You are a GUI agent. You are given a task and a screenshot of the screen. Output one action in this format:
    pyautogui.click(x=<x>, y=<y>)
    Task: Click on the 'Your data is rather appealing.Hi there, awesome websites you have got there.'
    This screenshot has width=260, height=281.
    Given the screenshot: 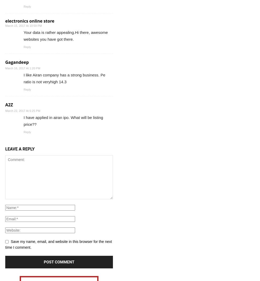 What is the action you would take?
    pyautogui.click(x=65, y=35)
    